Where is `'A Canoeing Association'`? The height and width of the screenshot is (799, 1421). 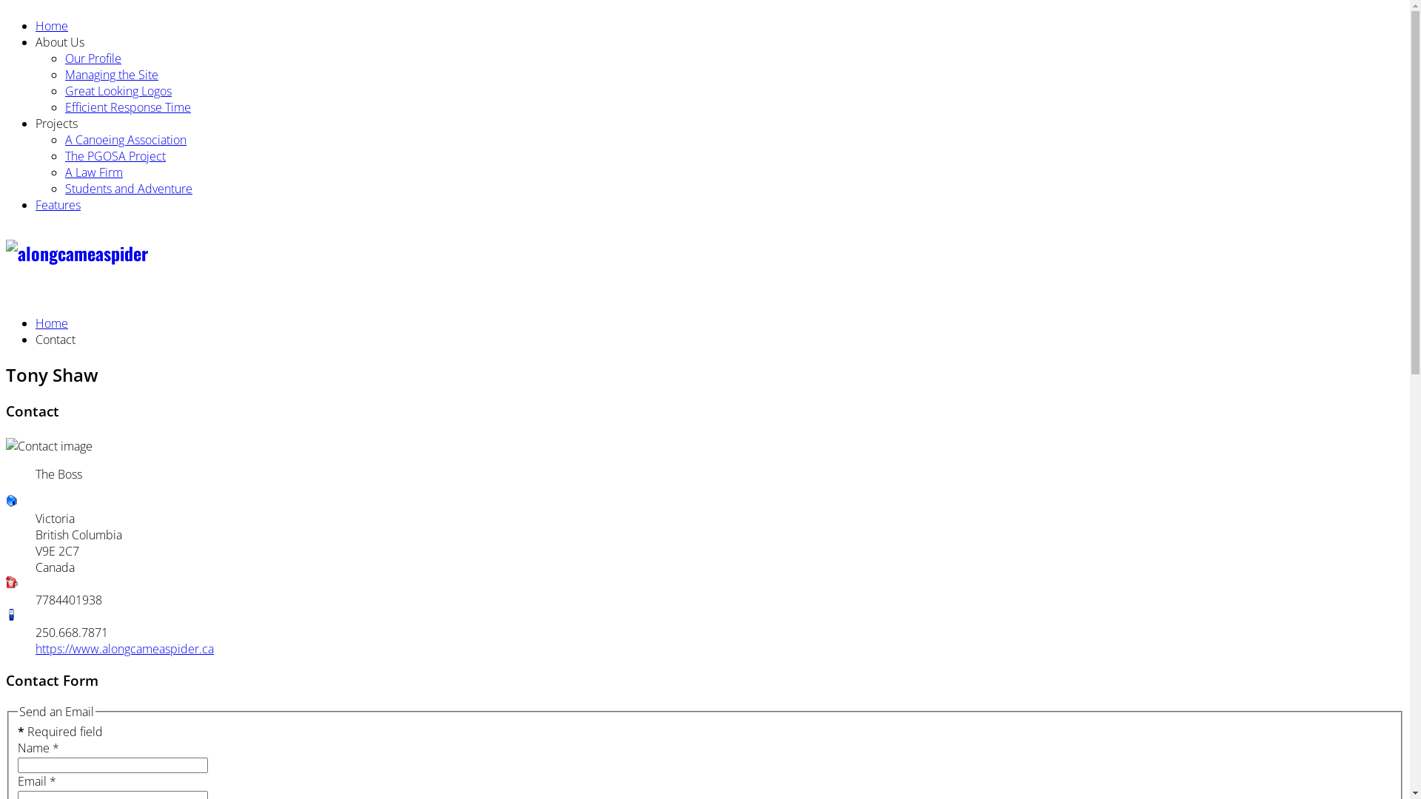
'A Canoeing Association' is located at coordinates (125, 140).